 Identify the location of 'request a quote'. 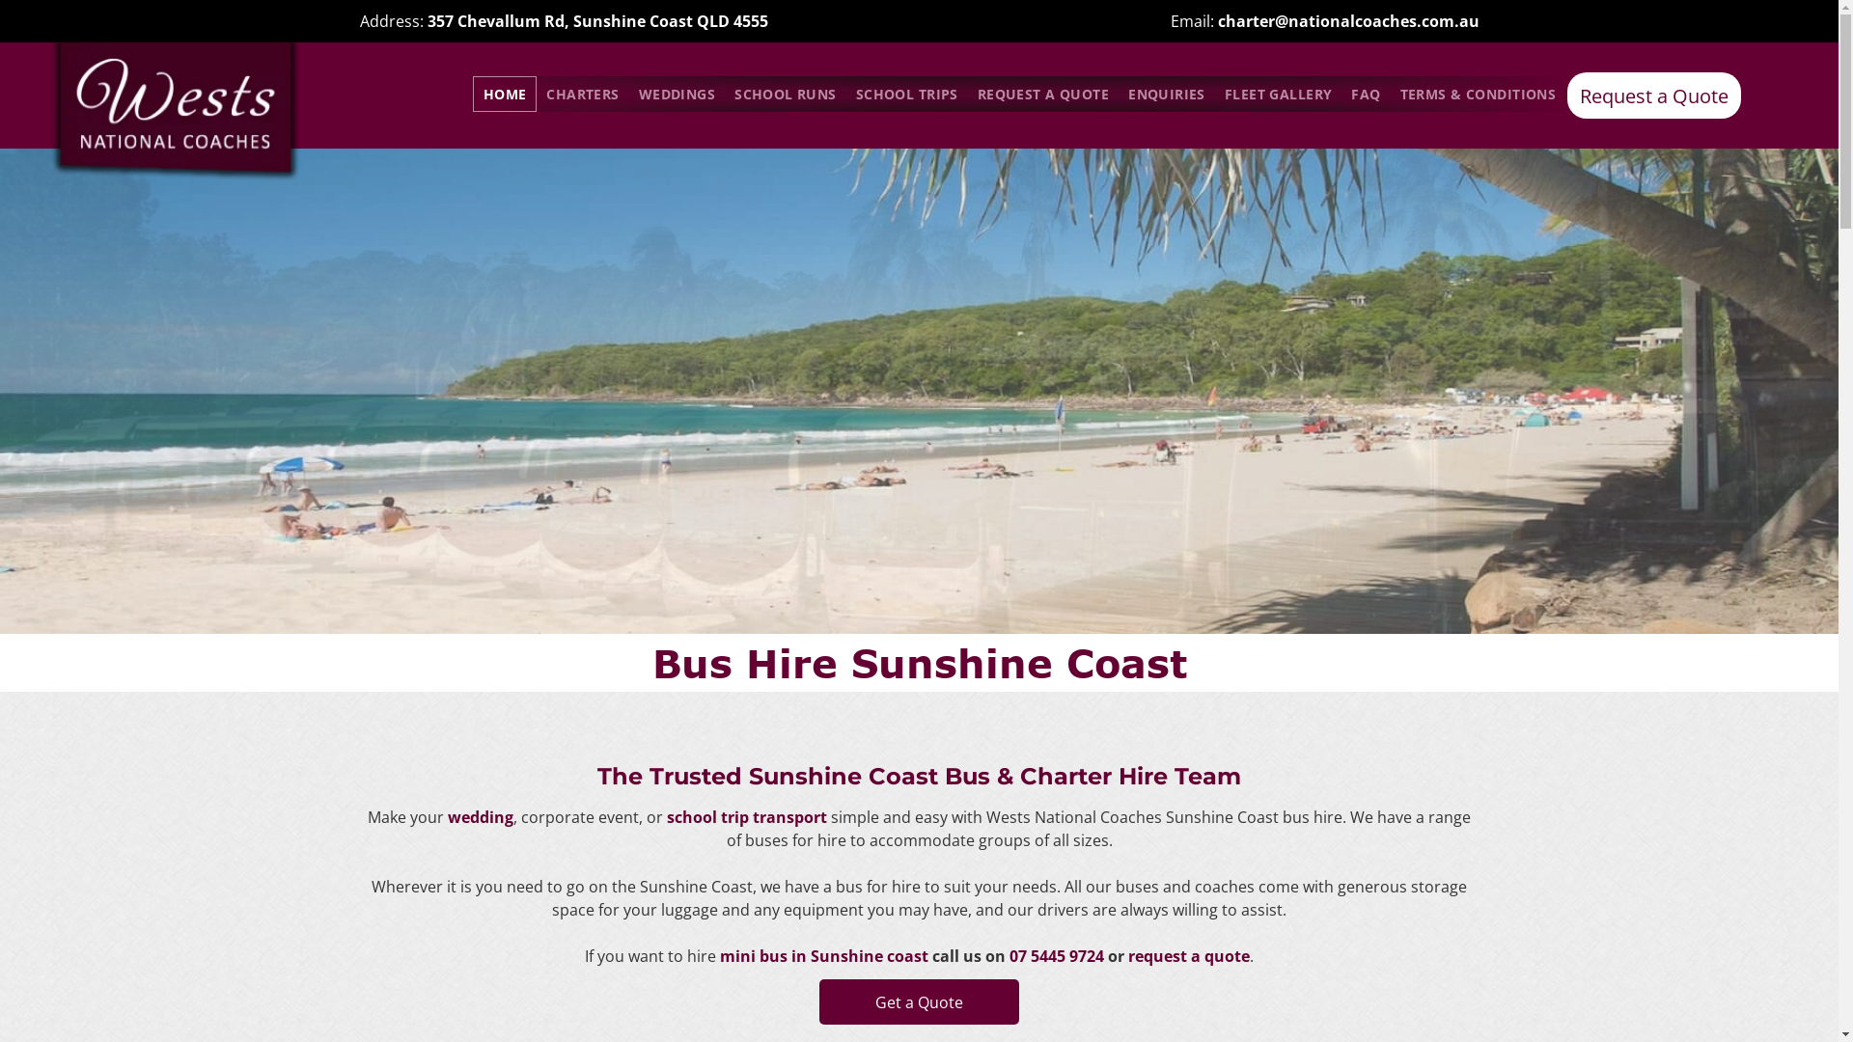
(1188, 956).